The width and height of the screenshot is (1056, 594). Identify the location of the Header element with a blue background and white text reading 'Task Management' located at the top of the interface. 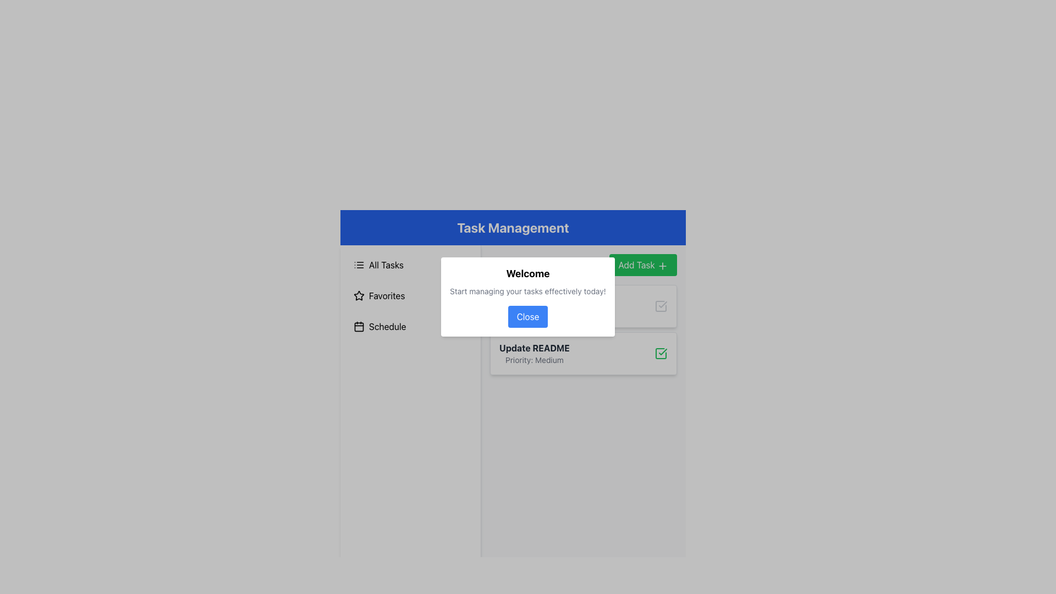
(512, 227).